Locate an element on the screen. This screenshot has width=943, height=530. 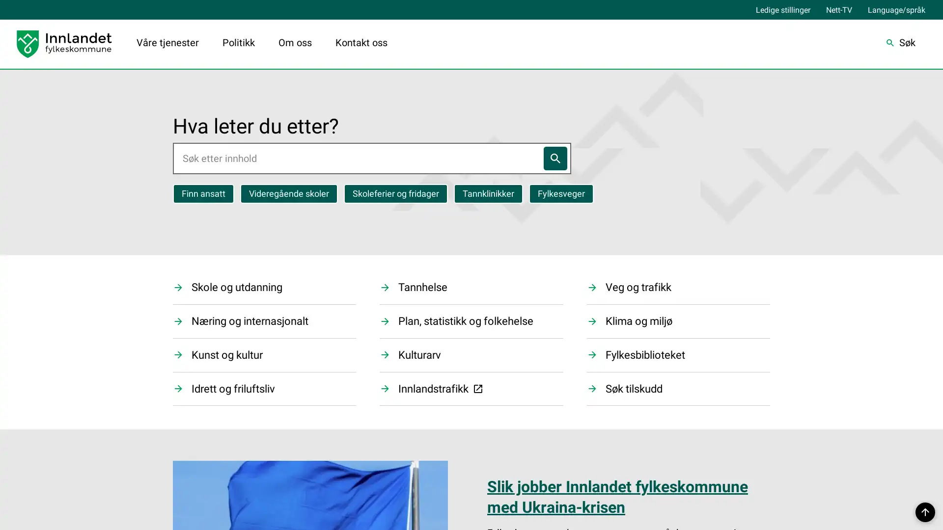
Sk is located at coordinates (900, 43).